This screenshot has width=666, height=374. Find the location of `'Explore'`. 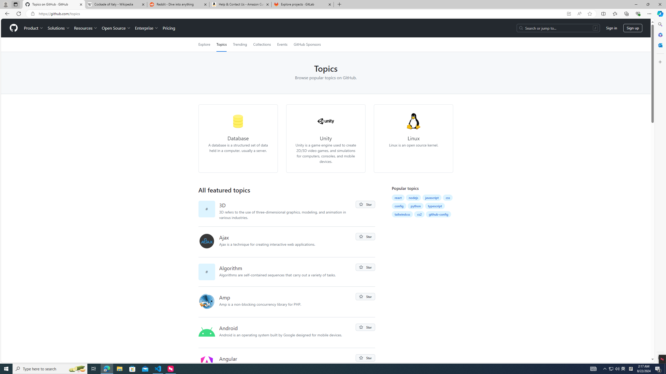

'Explore' is located at coordinates (204, 44).